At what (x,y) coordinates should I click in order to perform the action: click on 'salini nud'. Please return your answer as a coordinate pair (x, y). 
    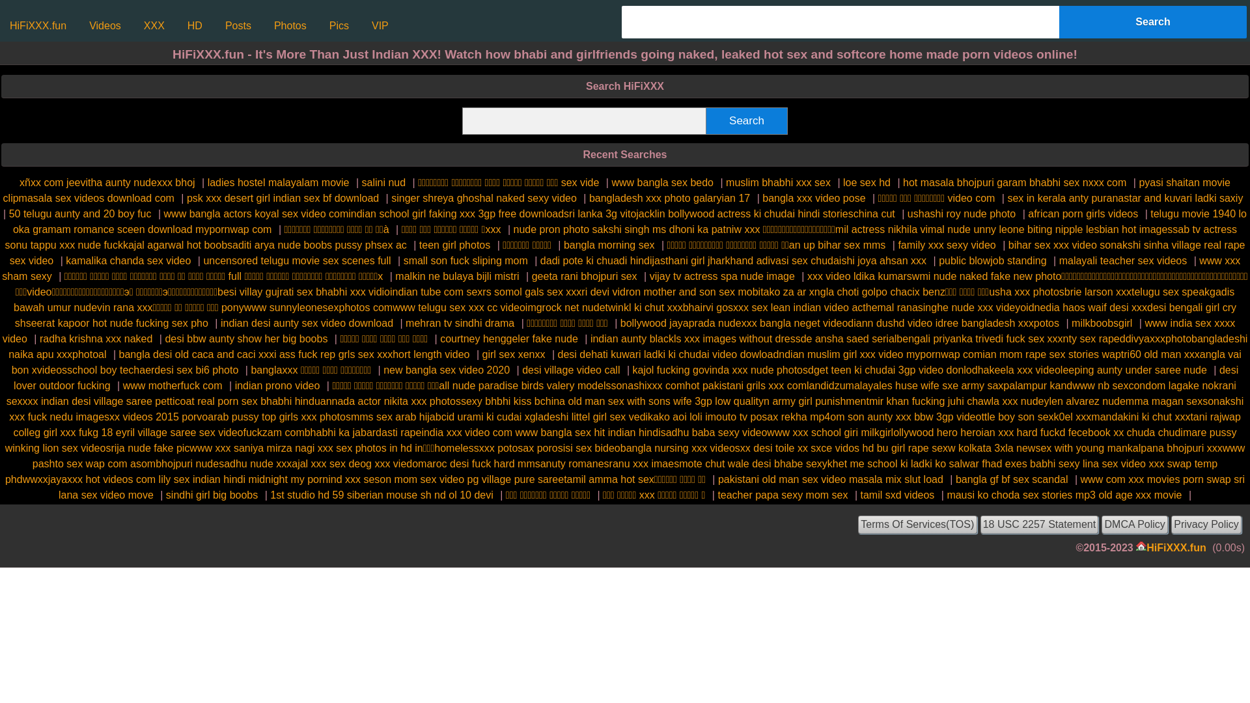
    Looking at the image, I should click on (383, 182).